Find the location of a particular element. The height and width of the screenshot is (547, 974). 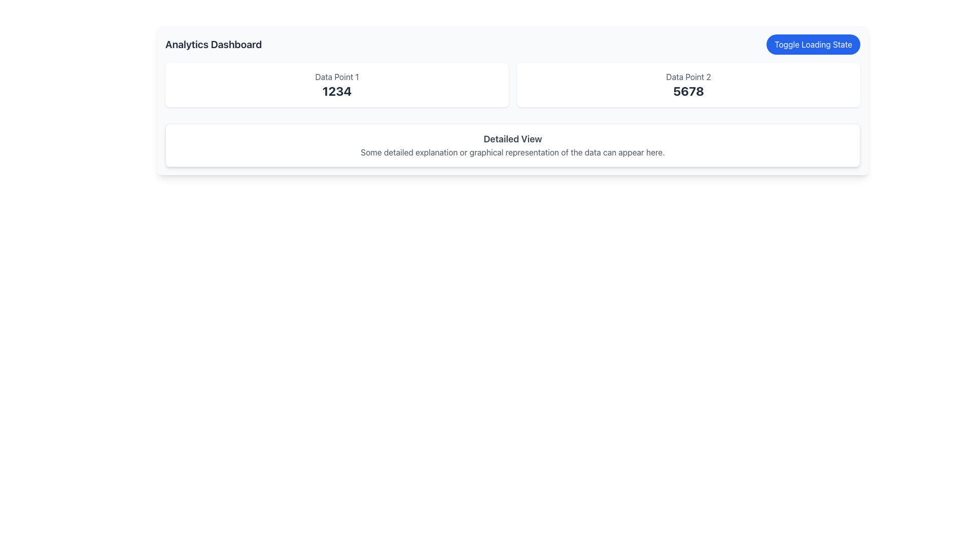

displayed number from the Text Display representing 'Data Point 1' in the analytics dashboard, located below the label and centered in the top left card is located at coordinates (337, 91).